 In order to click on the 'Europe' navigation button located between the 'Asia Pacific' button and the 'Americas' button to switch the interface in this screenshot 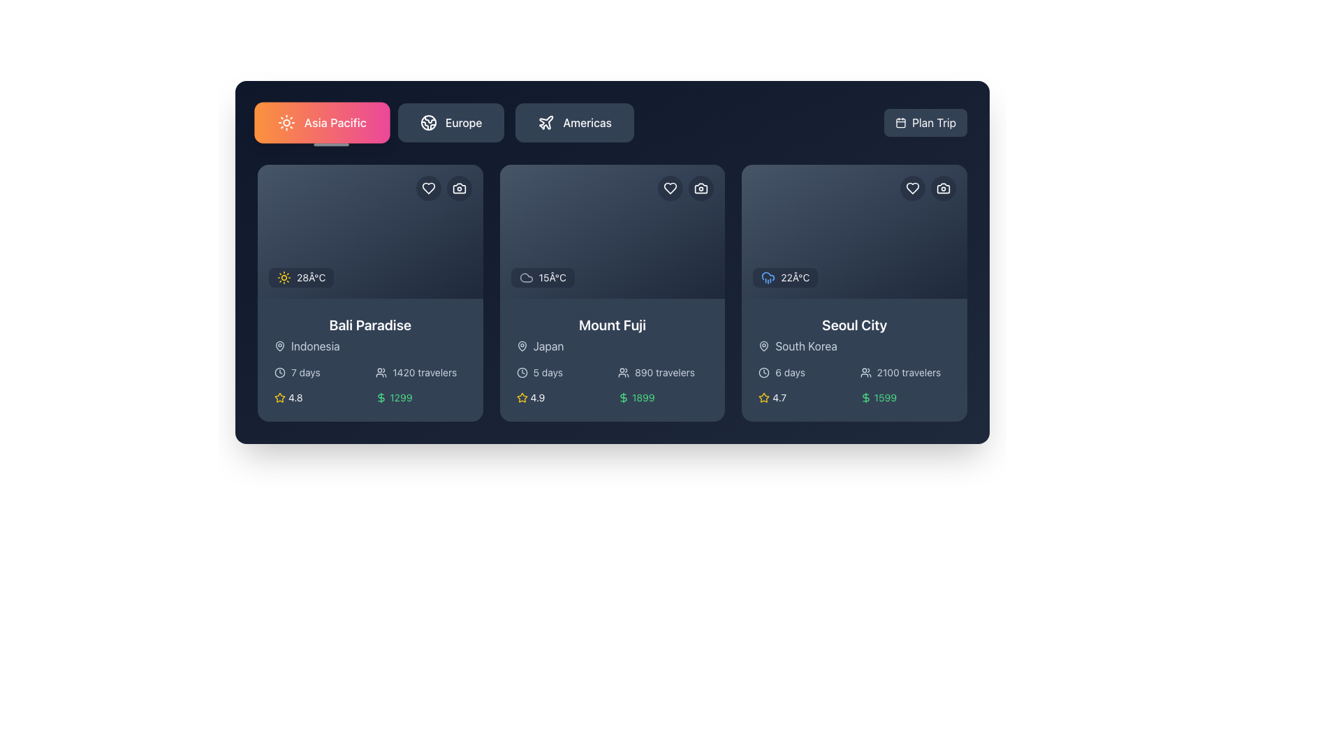, I will do `click(451, 122)`.